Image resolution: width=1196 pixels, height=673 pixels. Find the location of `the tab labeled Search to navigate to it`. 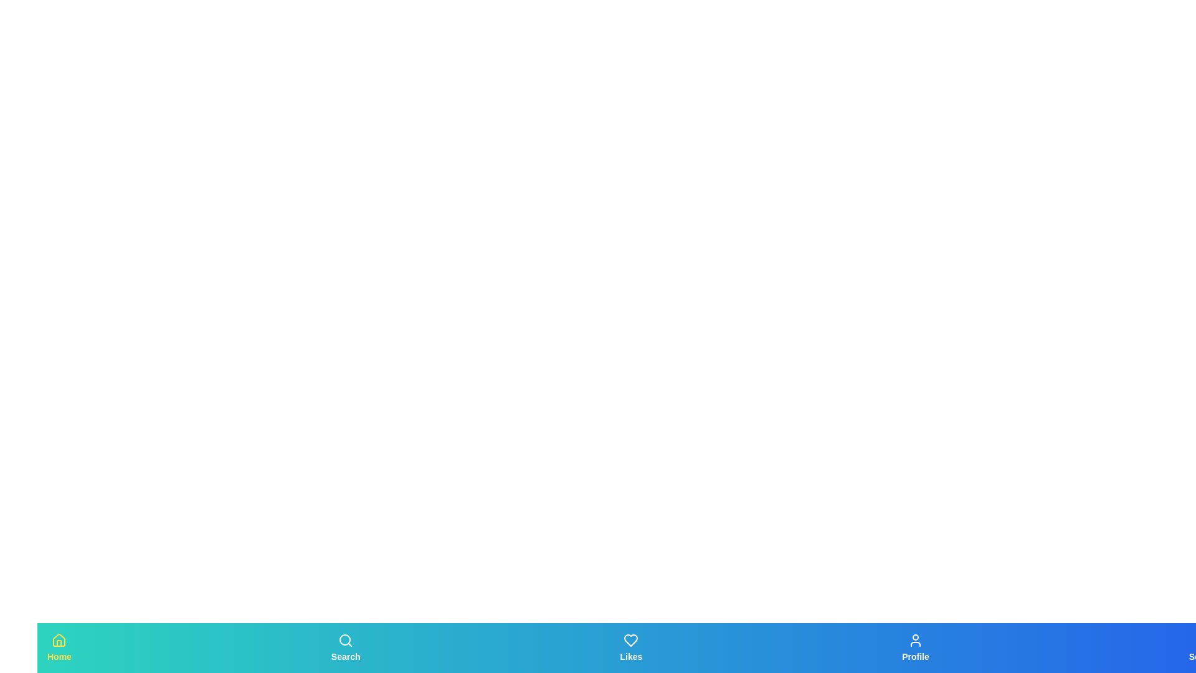

the tab labeled Search to navigate to it is located at coordinates (346, 647).